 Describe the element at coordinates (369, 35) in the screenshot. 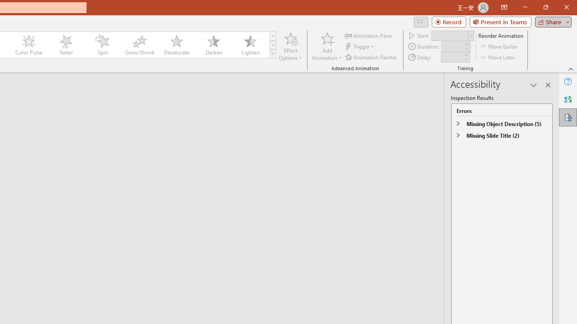

I see `'Animation Pane'` at that location.